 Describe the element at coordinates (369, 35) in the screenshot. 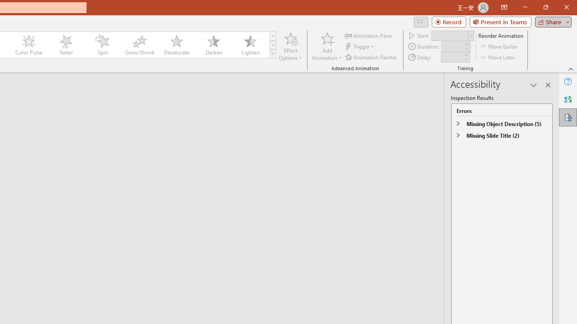

I see `'Animation Pane'` at that location.